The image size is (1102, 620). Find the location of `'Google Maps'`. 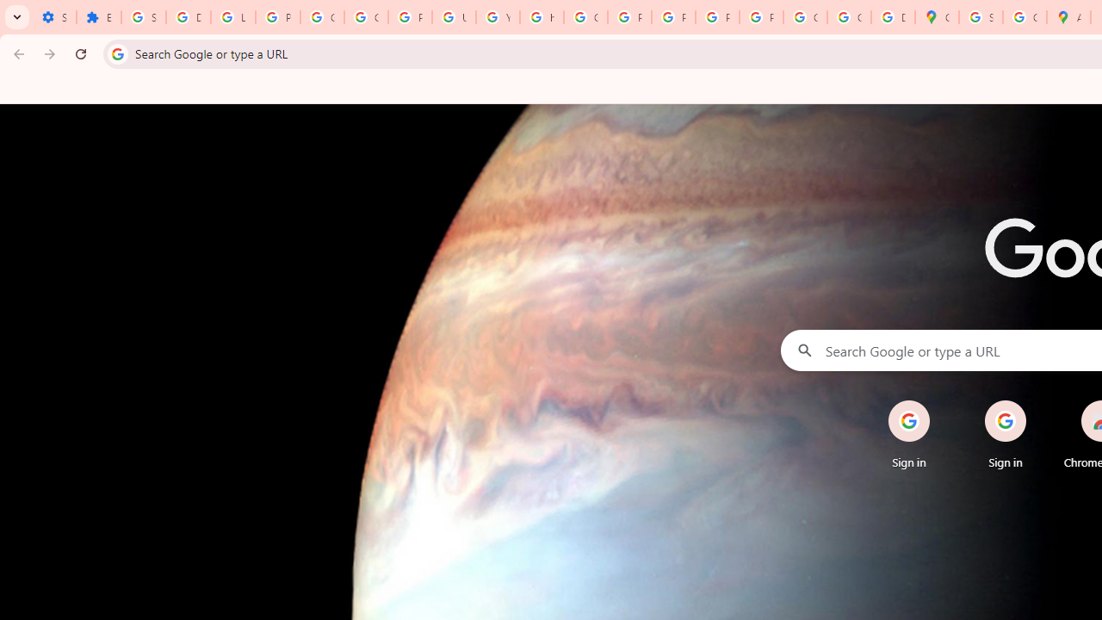

'Google Maps' is located at coordinates (936, 17).